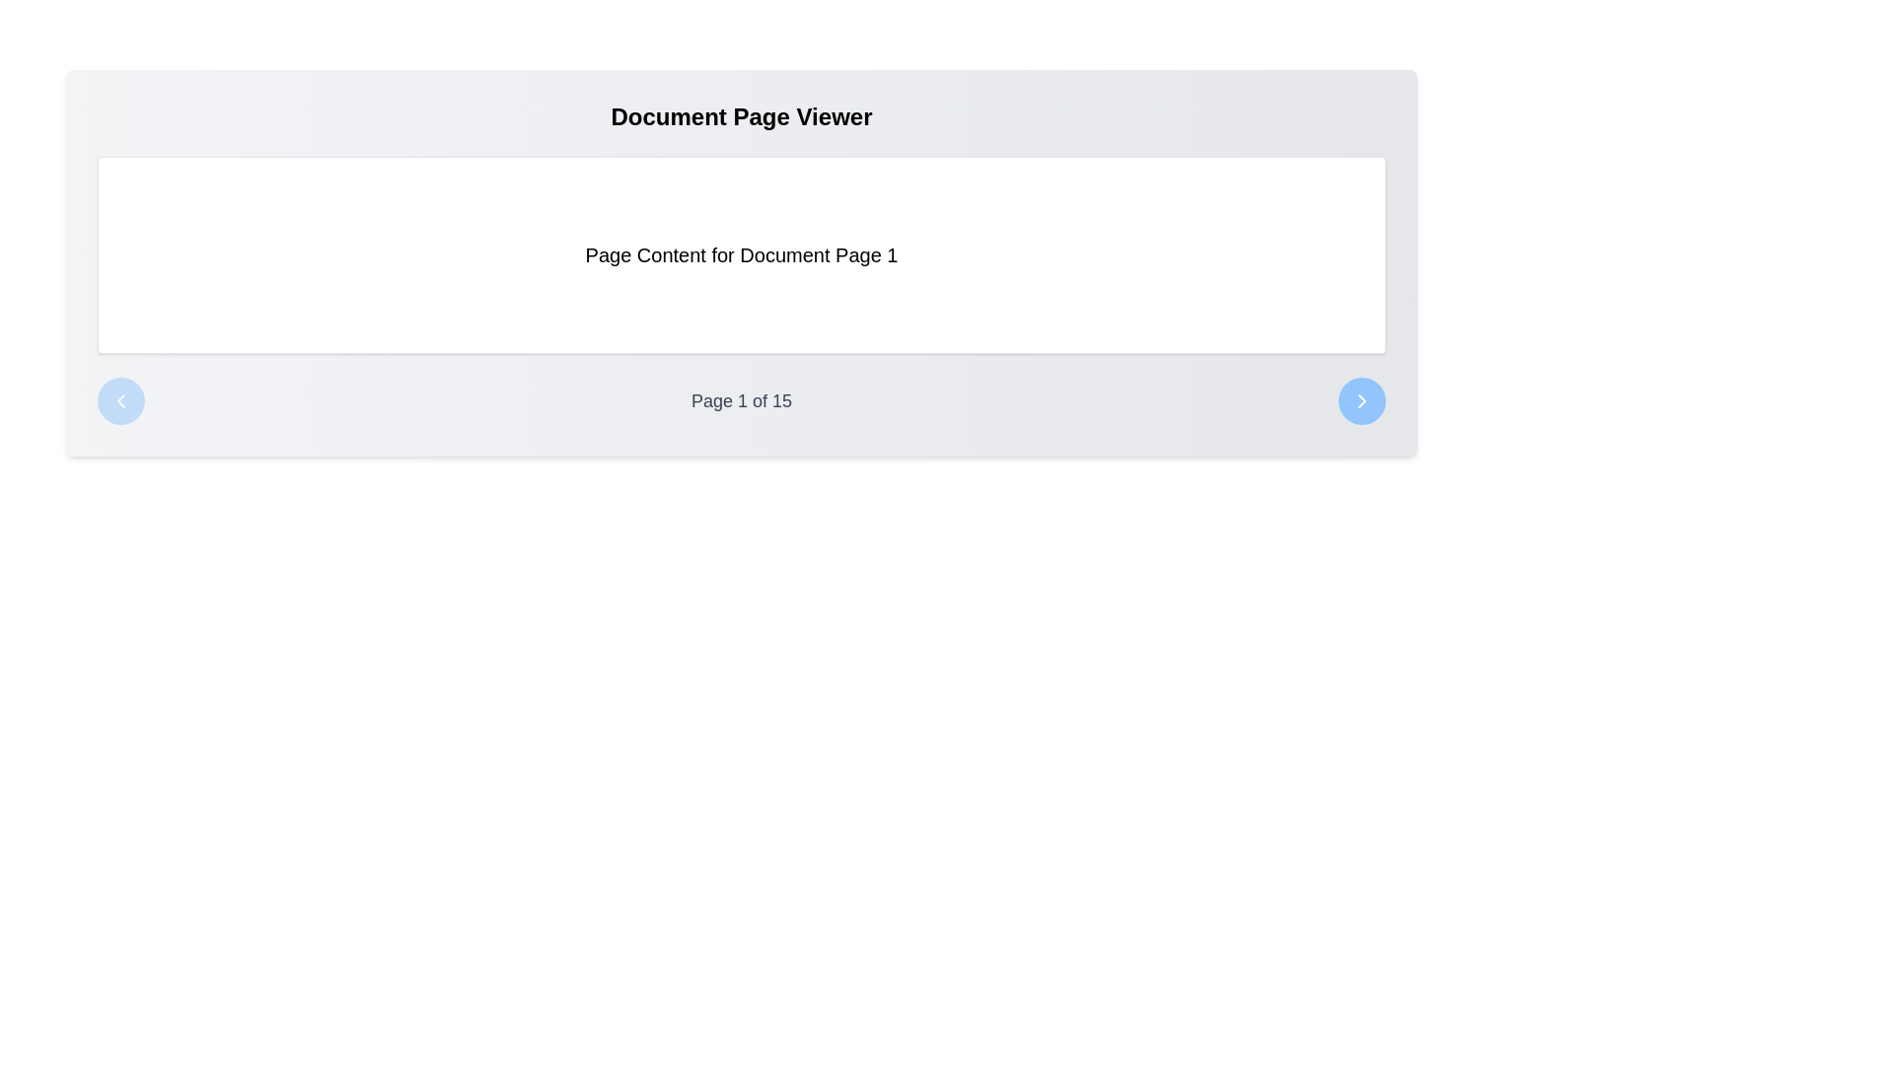 The width and height of the screenshot is (1894, 1065). What do you see at coordinates (741, 117) in the screenshot?
I see `the title or heading element that serves as the main title for the document viewer interface, located at the top center of the interface` at bounding box center [741, 117].